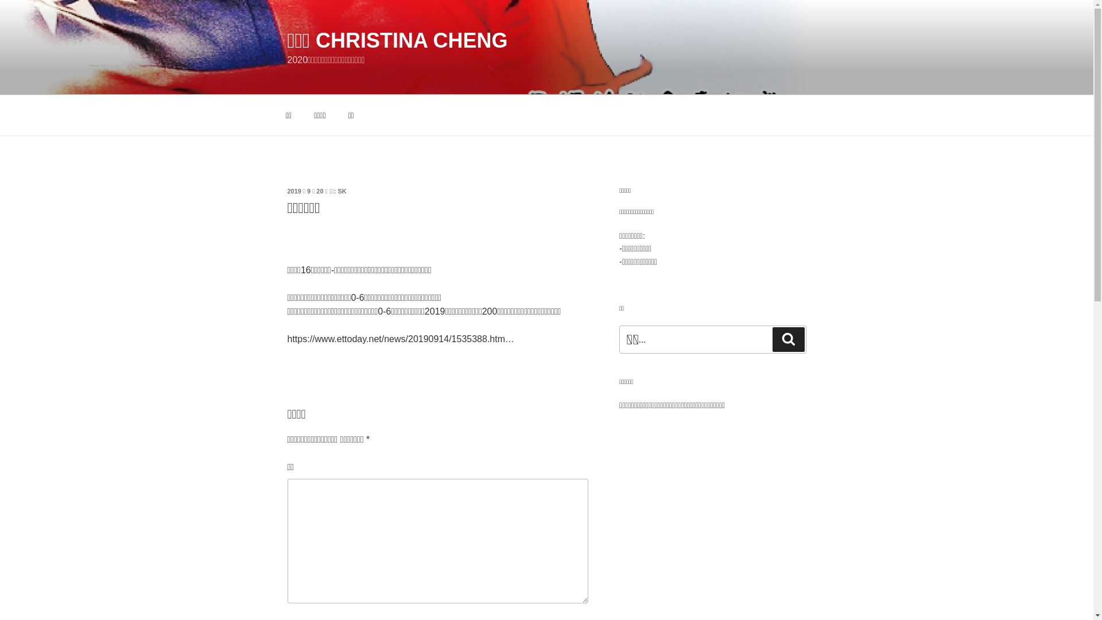 Image resolution: width=1102 pixels, height=620 pixels. What do you see at coordinates (341, 190) in the screenshot?
I see `'SK'` at bounding box center [341, 190].